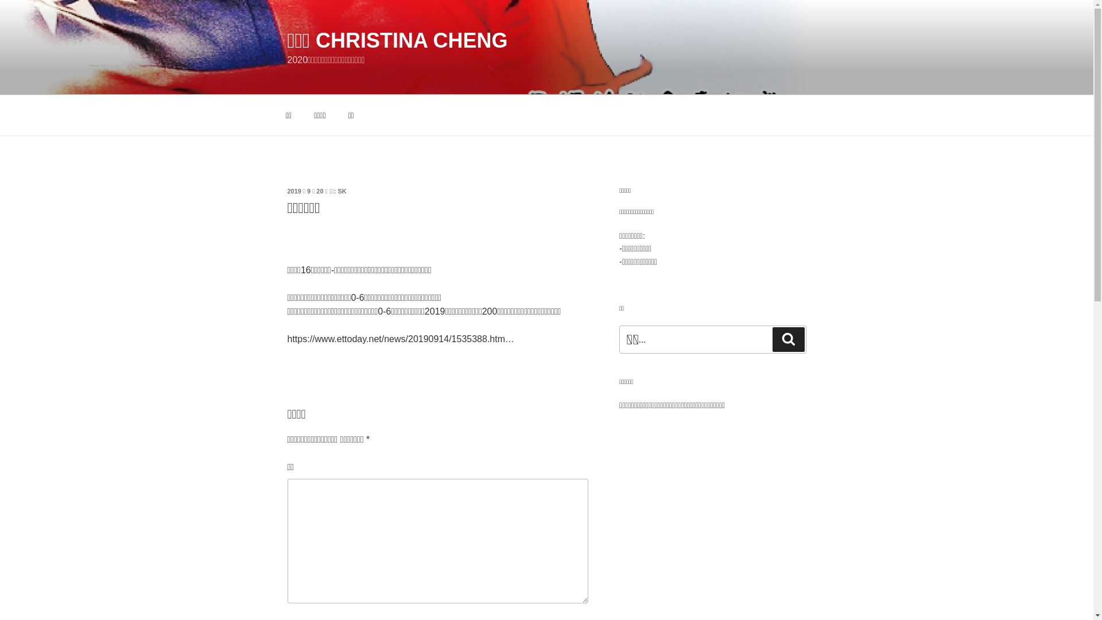 Image resolution: width=1102 pixels, height=620 pixels. What do you see at coordinates (341, 190) in the screenshot?
I see `'SK'` at bounding box center [341, 190].